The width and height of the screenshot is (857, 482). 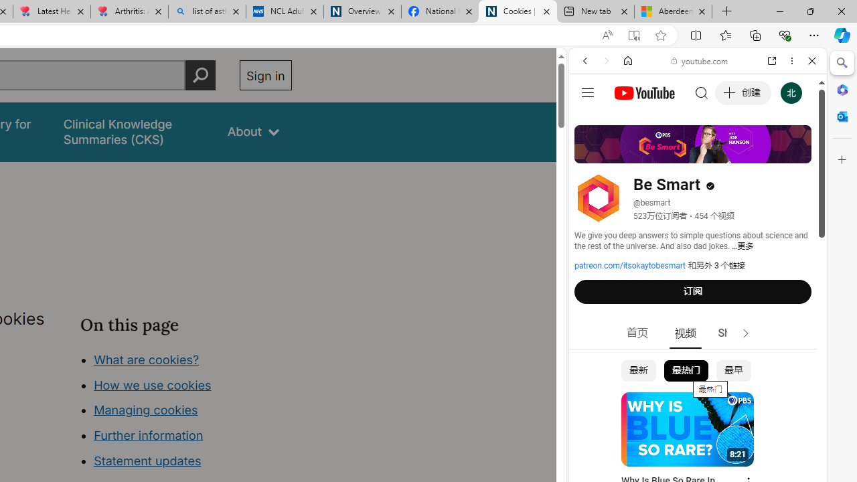 What do you see at coordinates (731, 152) in the screenshot?
I see `'SEARCH TOOLS'` at bounding box center [731, 152].